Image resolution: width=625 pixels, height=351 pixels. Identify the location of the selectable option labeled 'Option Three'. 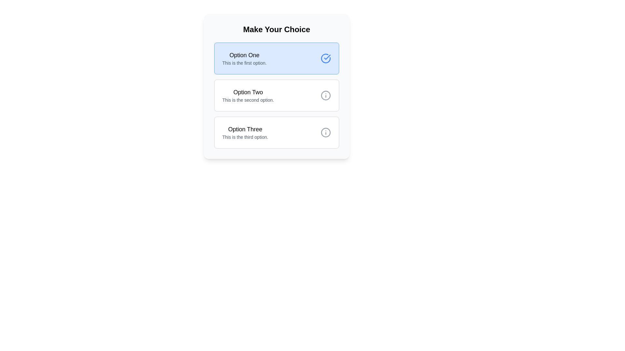
(245, 132).